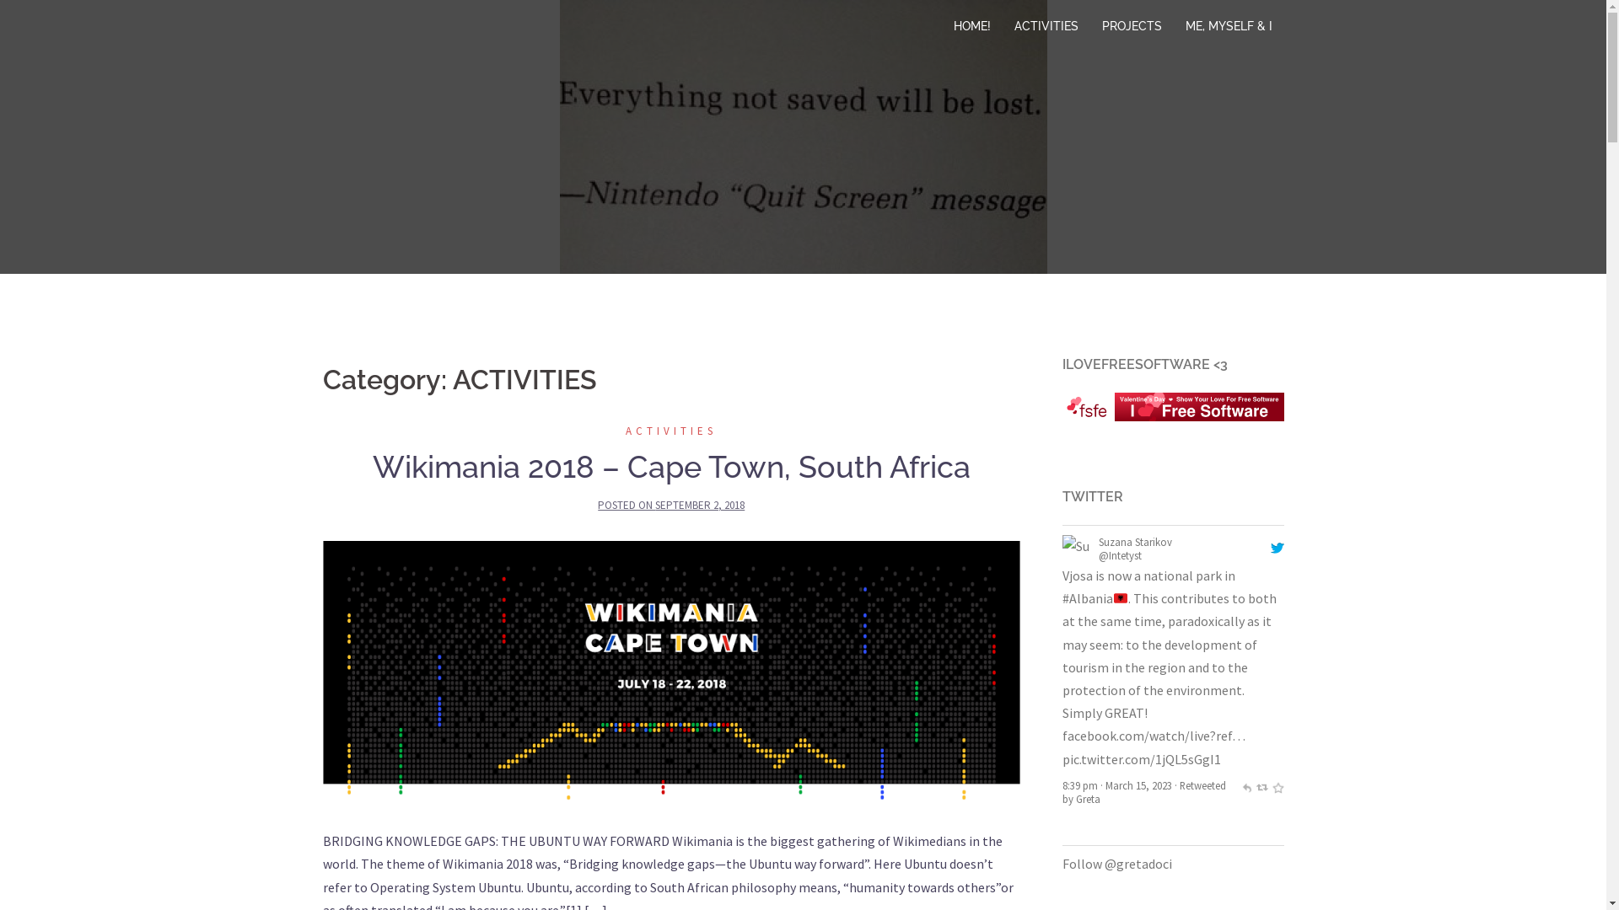 This screenshot has width=1619, height=910. I want to click on 'ACTIVITIES', so click(670, 430).